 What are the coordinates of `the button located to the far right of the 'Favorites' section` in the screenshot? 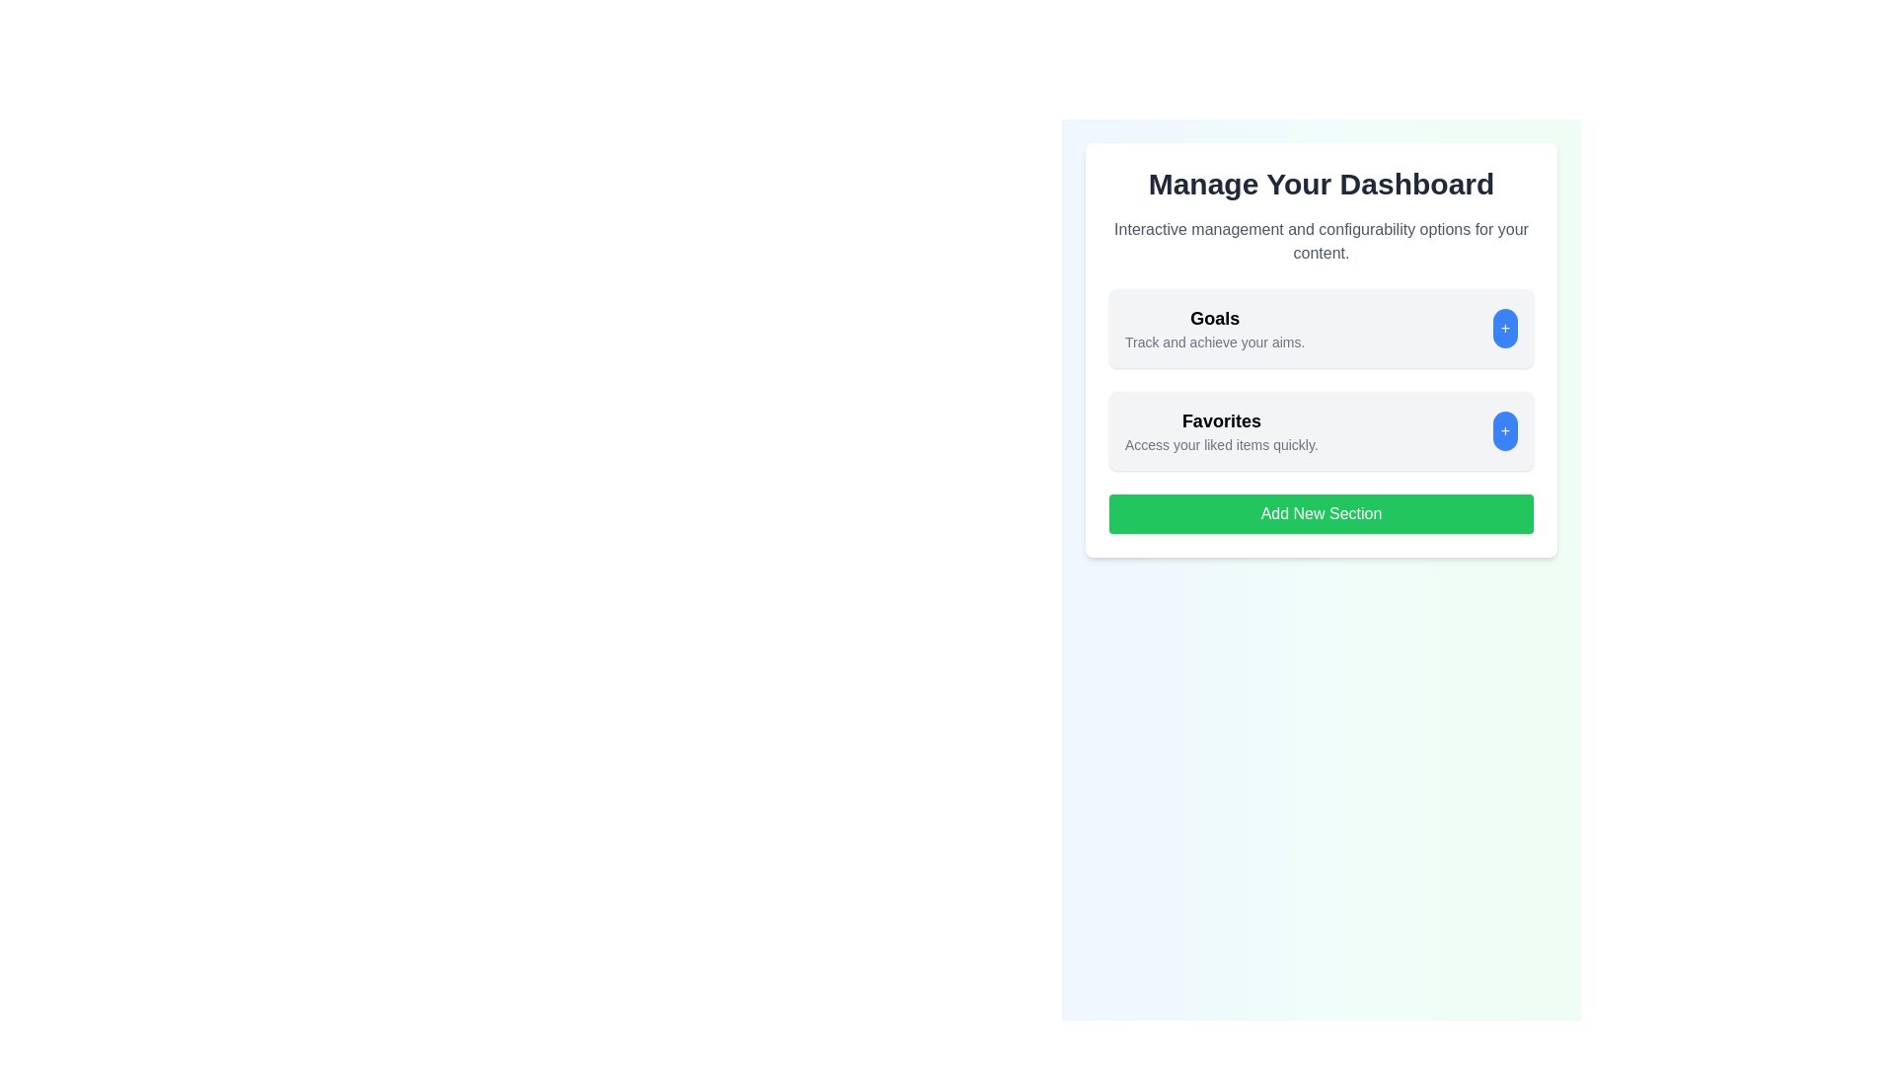 It's located at (1504, 429).